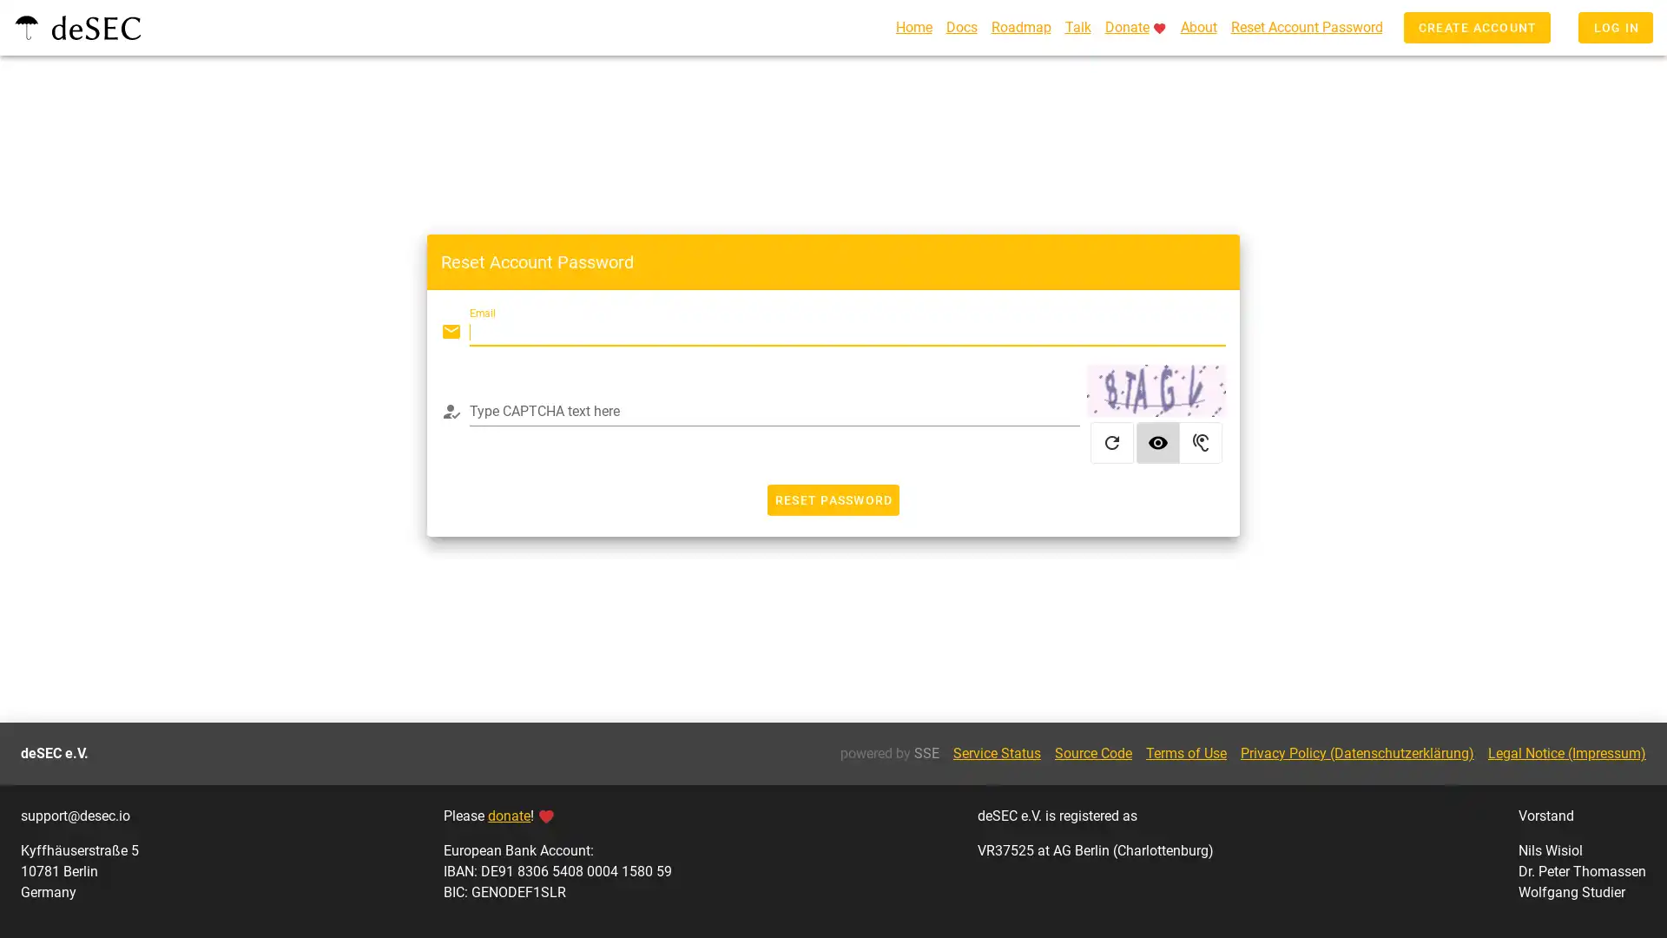 The height and width of the screenshot is (938, 1667). I want to click on Switch to Image CAPTCHA, so click(1158, 445).